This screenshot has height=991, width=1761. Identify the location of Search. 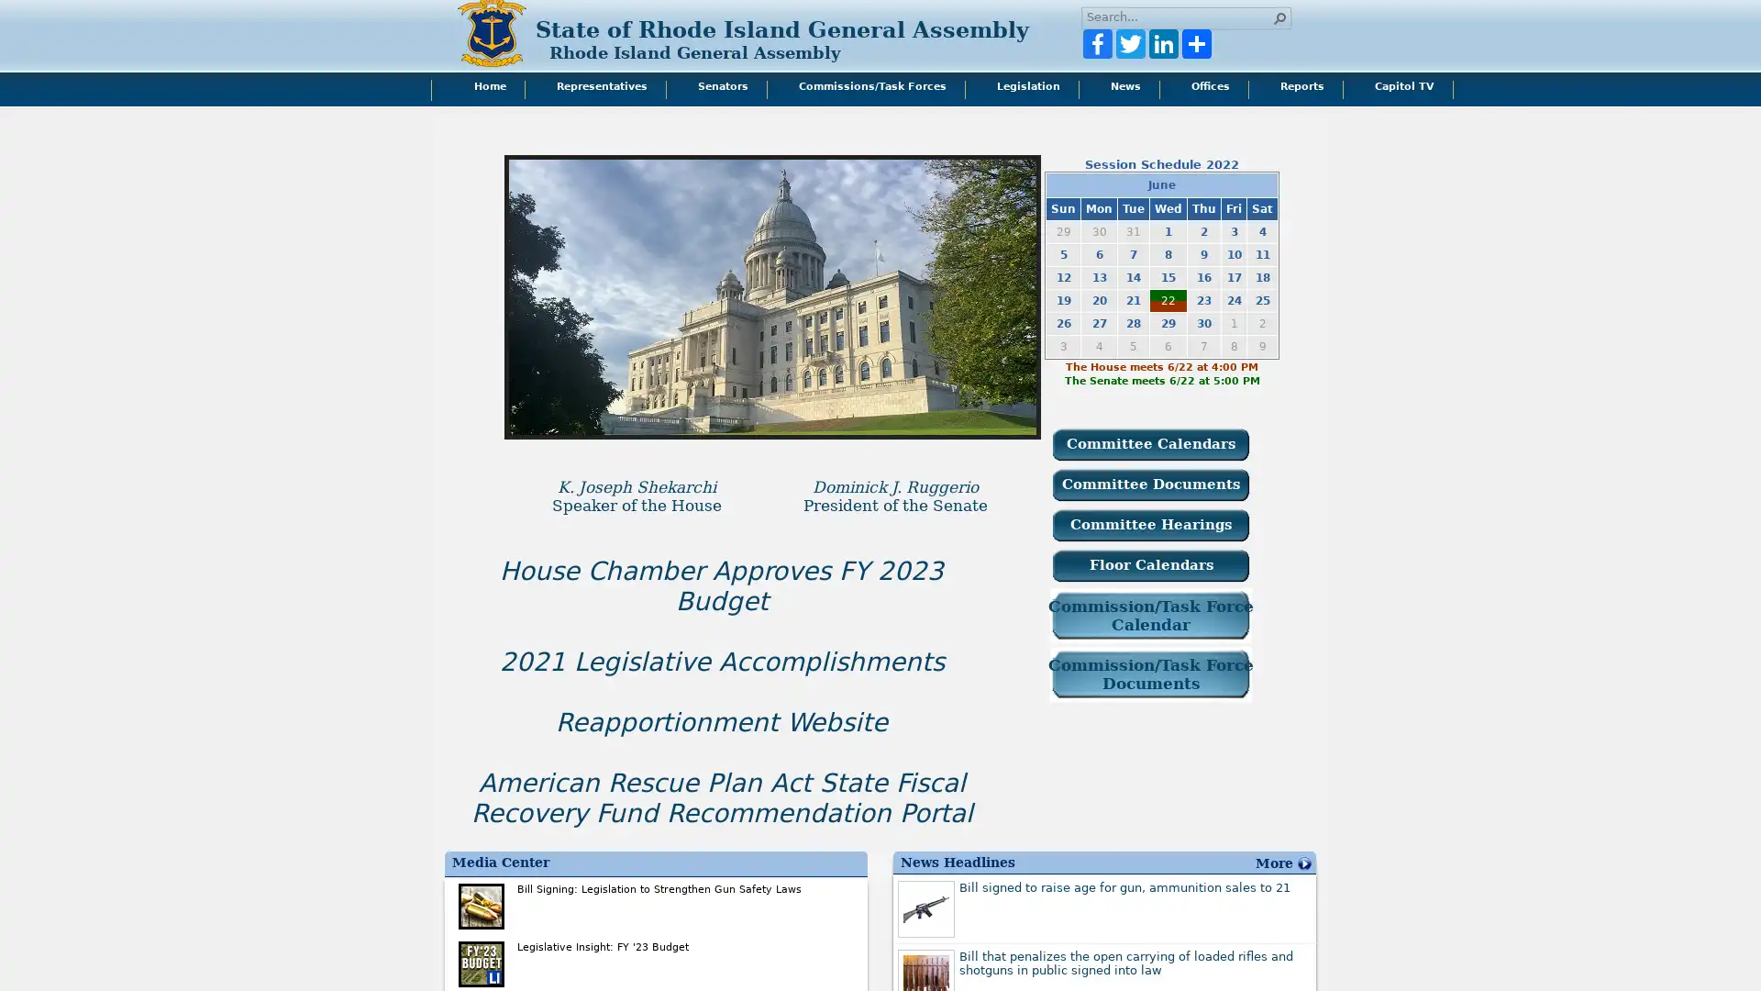
(1279, 17).